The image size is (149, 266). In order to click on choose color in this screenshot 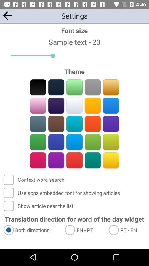, I will do `click(111, 105)`.